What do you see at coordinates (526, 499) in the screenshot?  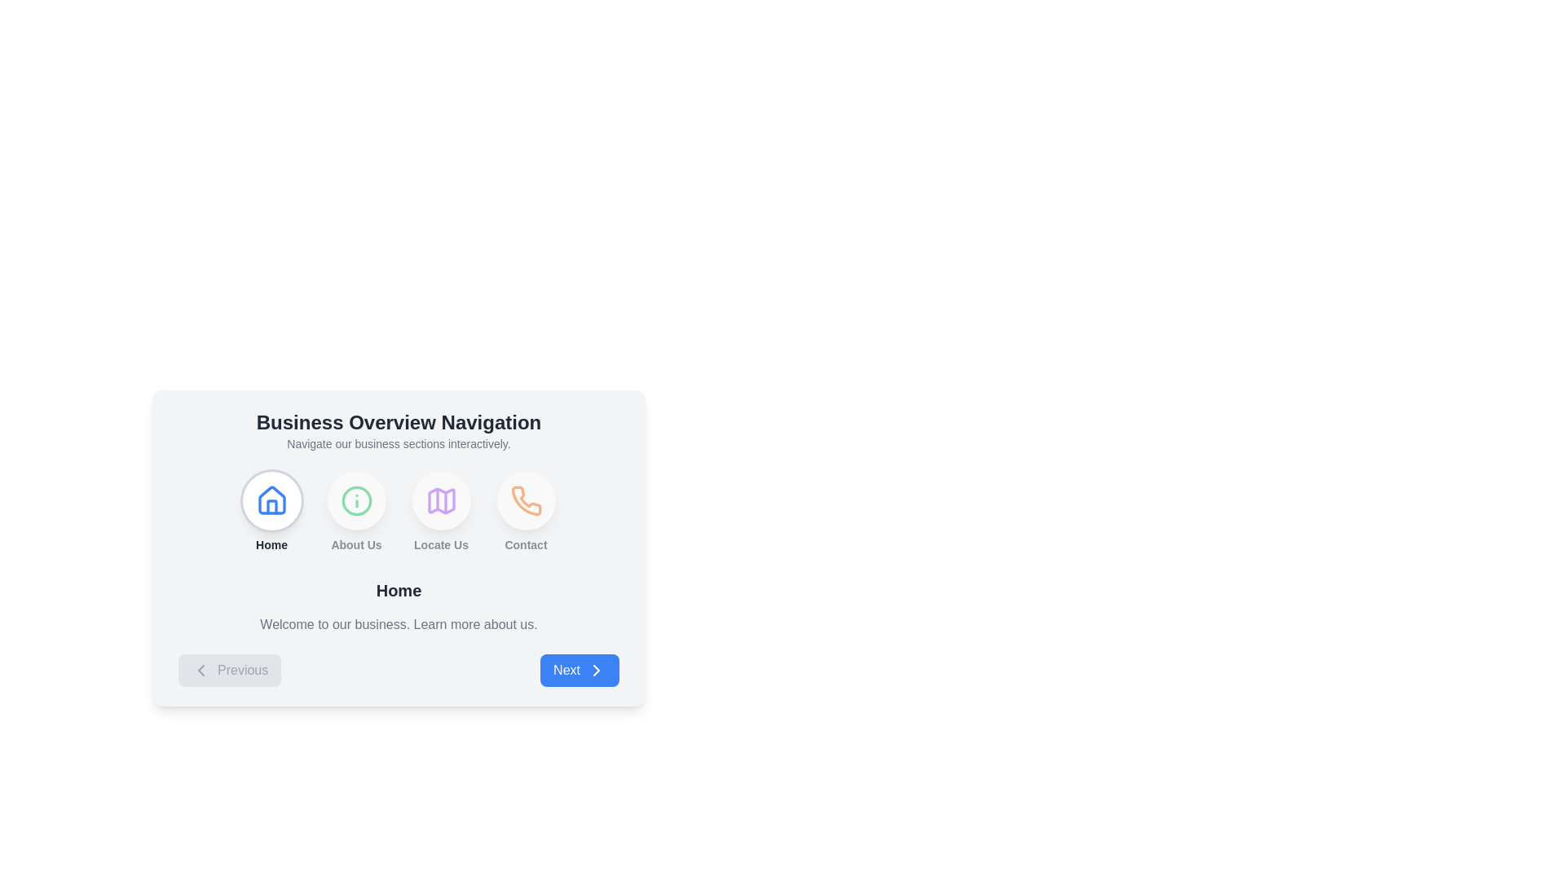 I see `the contact-related icon graphic located in the 'Contact' section to initiate interaction` at bounding box center [526, 499].